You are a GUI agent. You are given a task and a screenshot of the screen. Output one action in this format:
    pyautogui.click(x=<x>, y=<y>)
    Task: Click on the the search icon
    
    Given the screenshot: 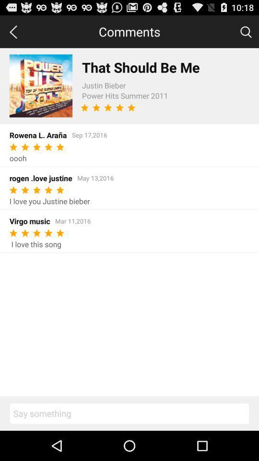 What is the action you would take?
    pyautogui.click(x=246, y=34)
    